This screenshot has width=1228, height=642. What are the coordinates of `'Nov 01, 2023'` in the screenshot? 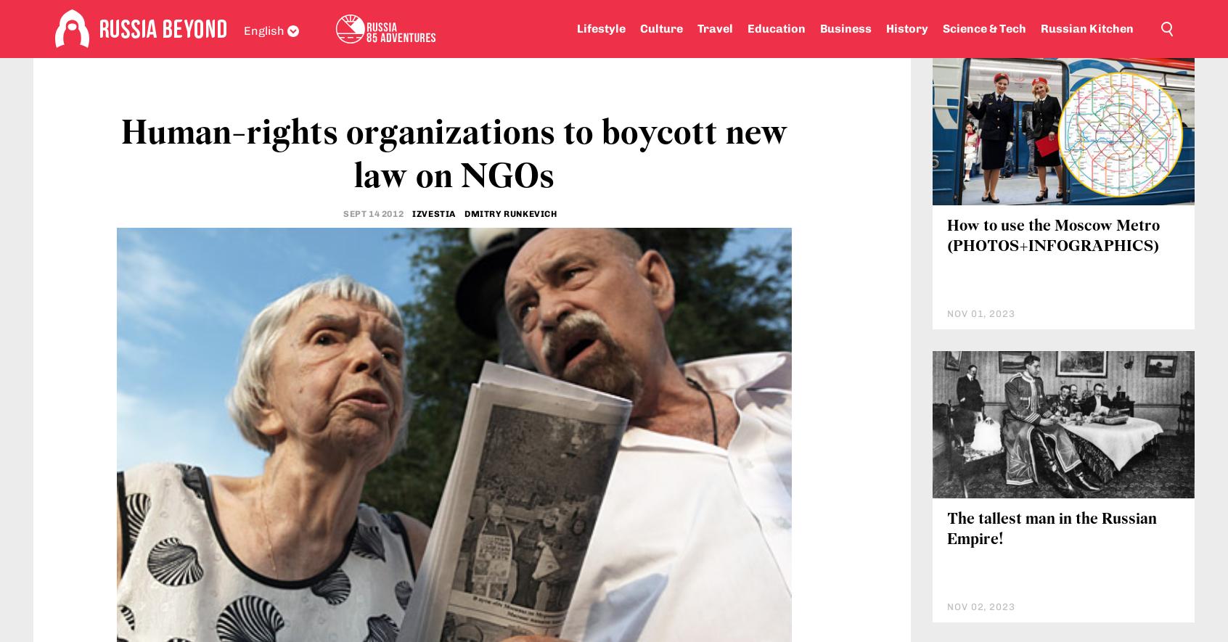 It's located at (981, 399).